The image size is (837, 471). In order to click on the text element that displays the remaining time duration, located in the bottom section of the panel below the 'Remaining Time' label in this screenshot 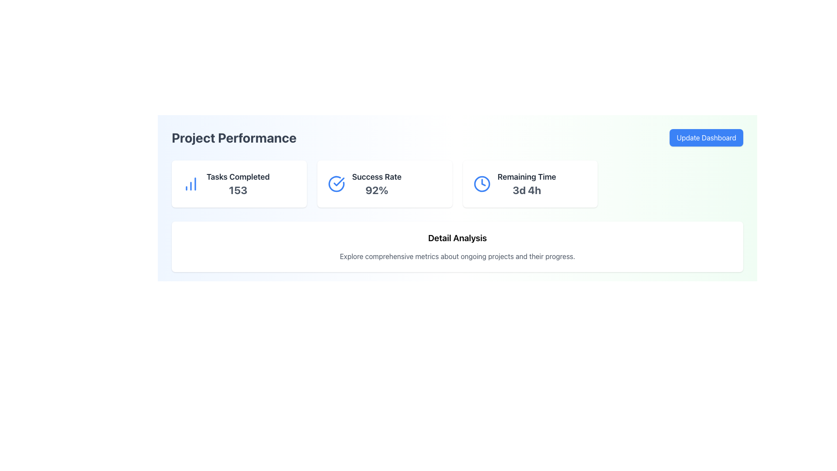, I will do `click(526, 189)`.